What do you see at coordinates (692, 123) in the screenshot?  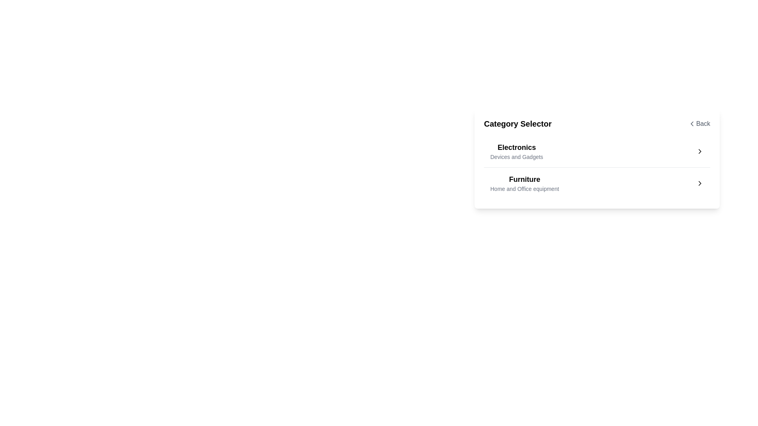 I see `the left-facing chevron symbol, which is part of an icon associated with a 'Back' label, located near the top-right corner of the interface` at bounding box center [692, 123].